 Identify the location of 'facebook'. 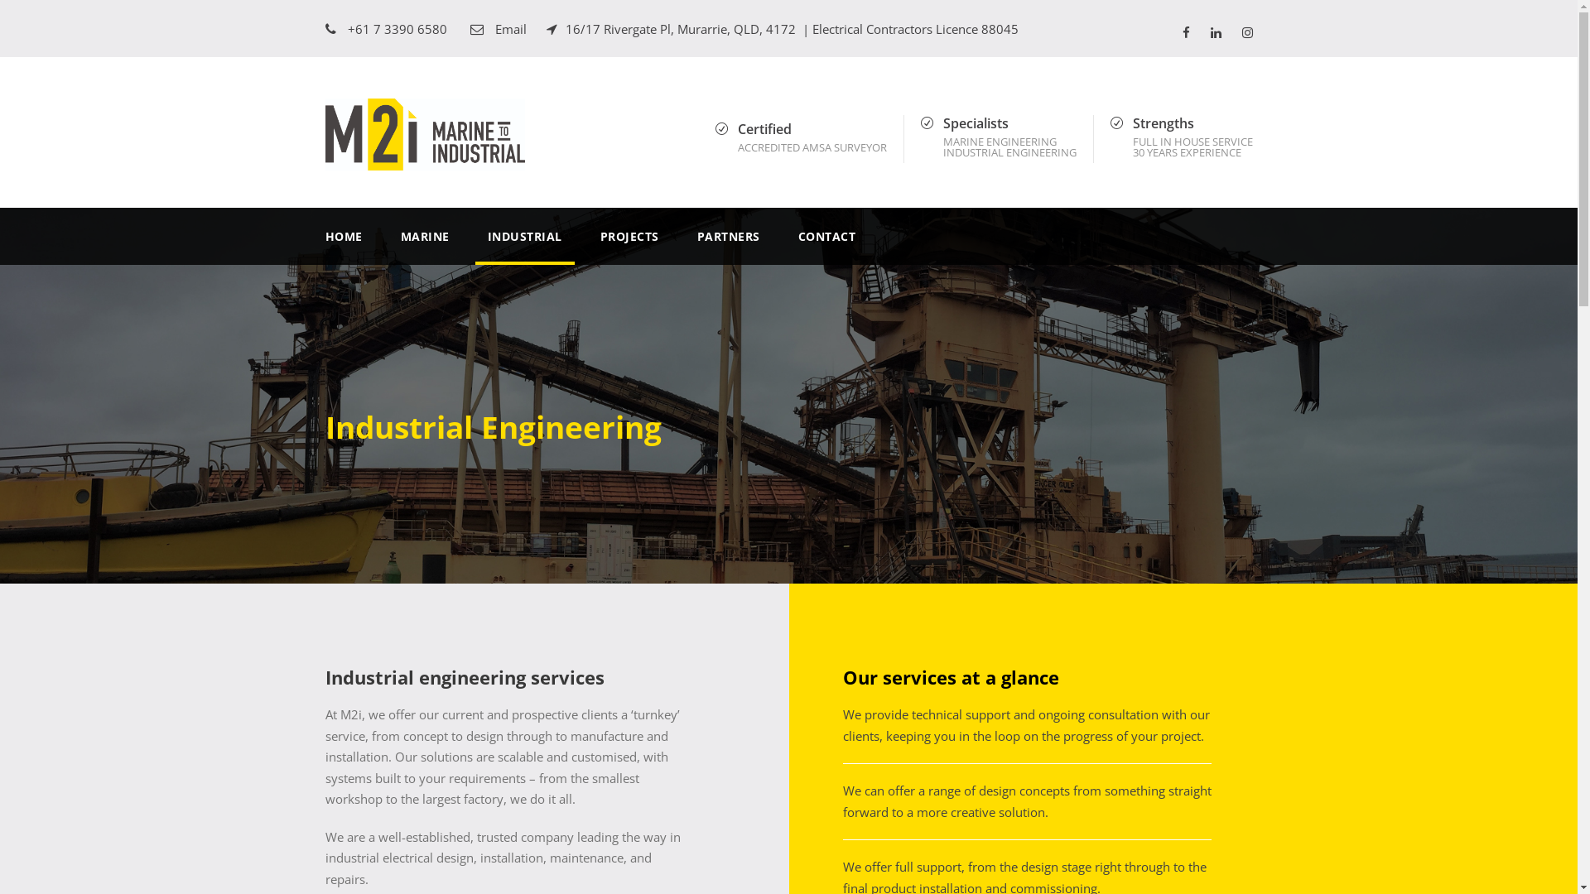
(1185, 31).